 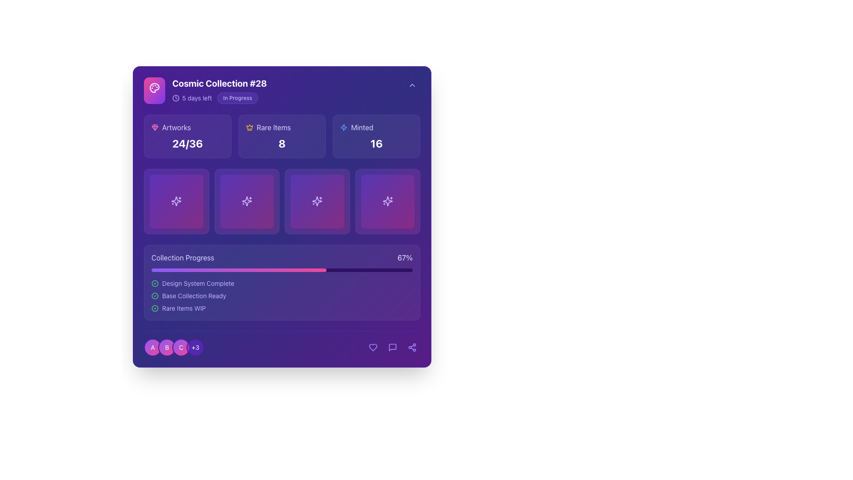 I want to click on the 'like' or 'favorite' button located in the bottom-right section of the interface, so click(x=373, y=346).